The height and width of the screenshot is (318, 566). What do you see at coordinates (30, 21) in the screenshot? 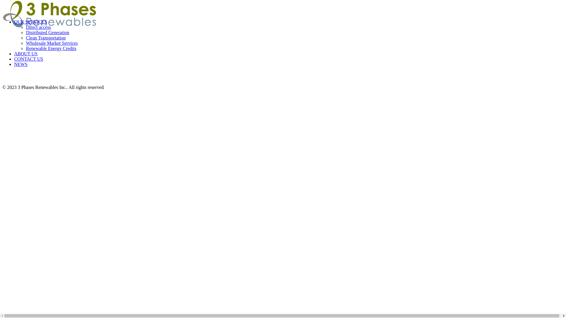
I see `'OUR SERVICES'` at bounding box center [30, 21].